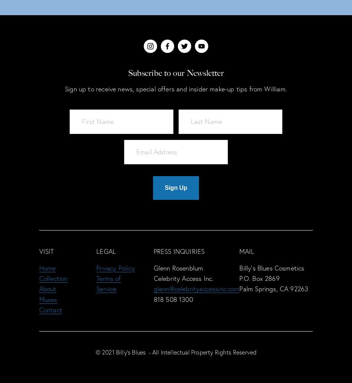 The image size is (352, 383). What do you see at coordinates (106, 251) in the screenshot?
I see `'LEGAL'` at bounding box center [106, 251].